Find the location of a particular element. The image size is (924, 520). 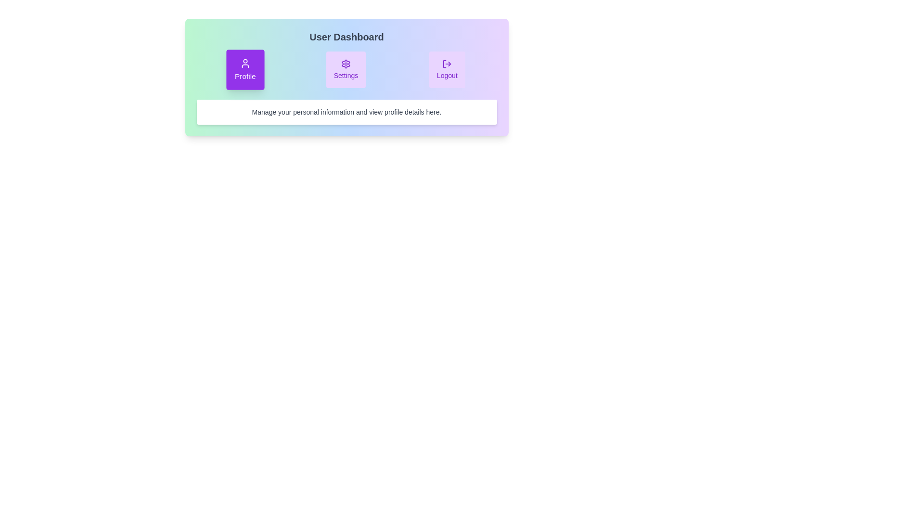

the Settings tab by clicking on it is located at coordinates (346, 69).